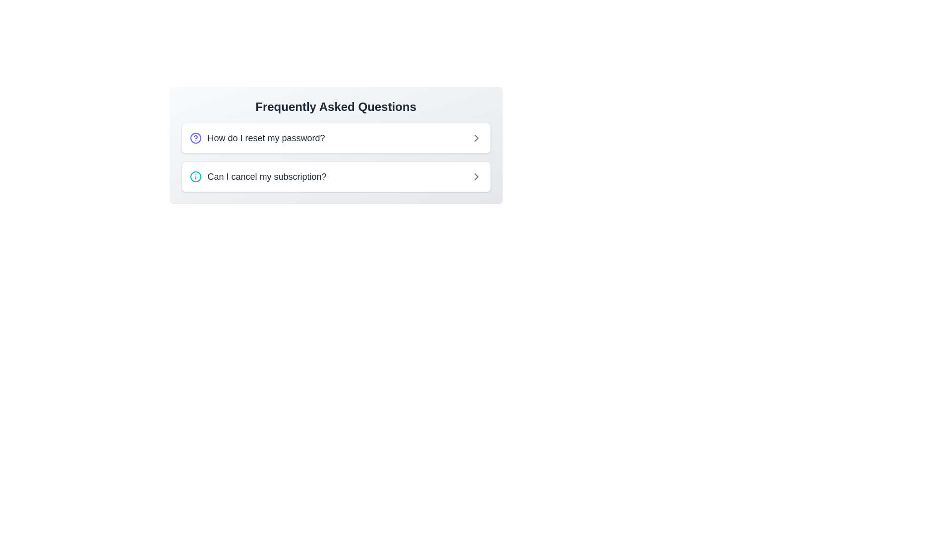 This screenshot has height=535, width=952. I want to click on the icon that precedes the 'How do I reset my password?' text in the frequently asked questions section, so click(195, 138).